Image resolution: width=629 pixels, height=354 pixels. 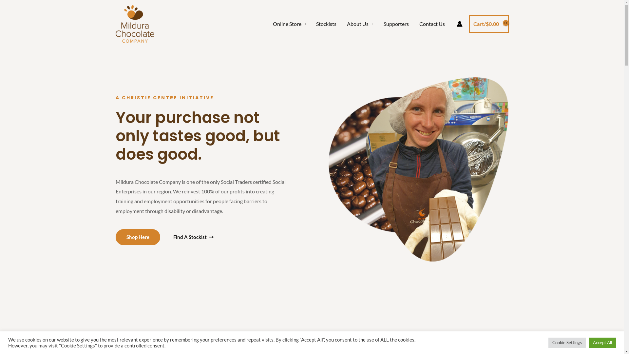 What do you see at coordinates (396, 24) in the screenshot?
I see `'Supporters'` at bounding box center [396, 24].